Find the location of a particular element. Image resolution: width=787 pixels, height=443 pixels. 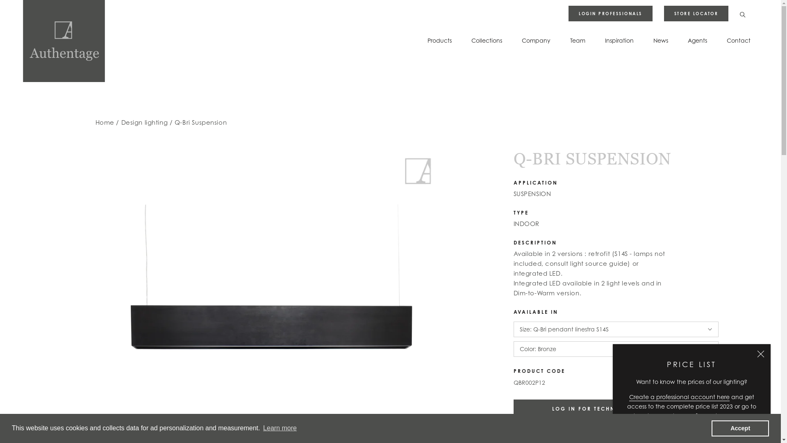

'Collections is located at coordinates (487, 40).